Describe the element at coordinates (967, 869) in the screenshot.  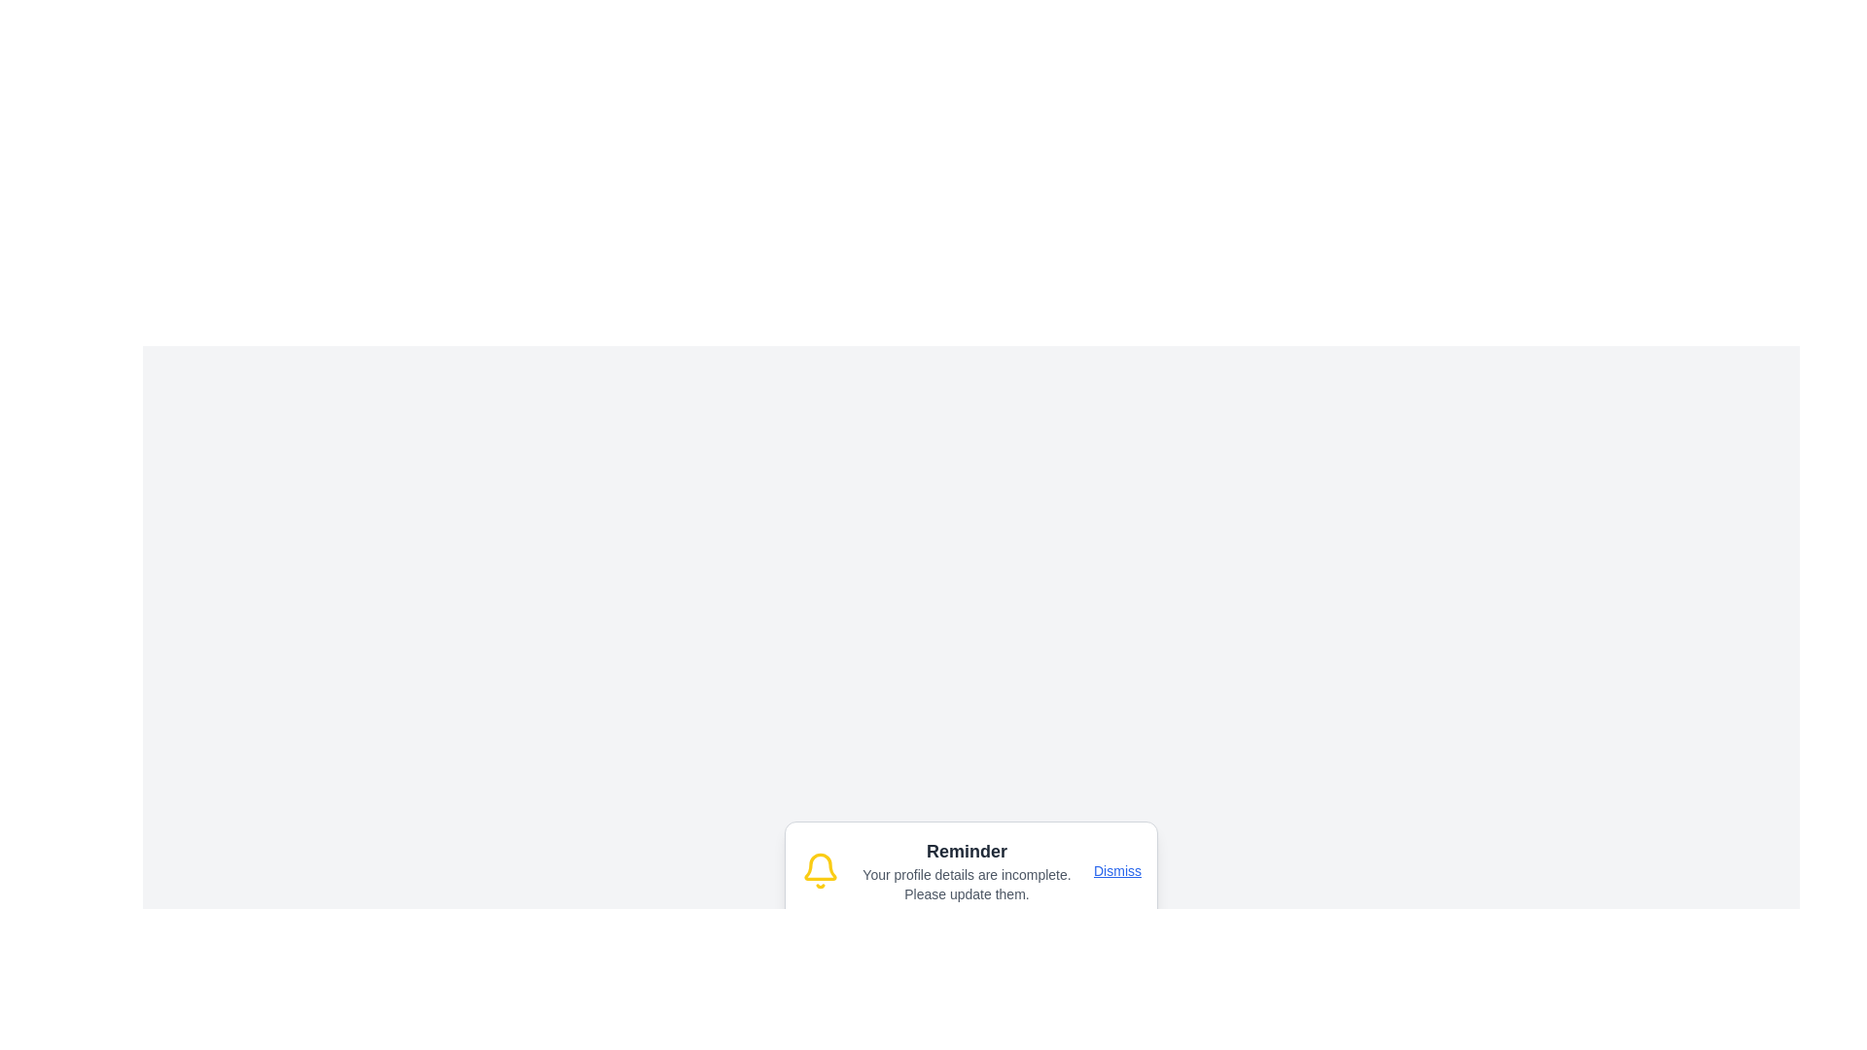
I see `the Informational Text Block that notifies users about incomplete profile details, located between a yellow bell icon and a 'Dismiss' link` at that location.